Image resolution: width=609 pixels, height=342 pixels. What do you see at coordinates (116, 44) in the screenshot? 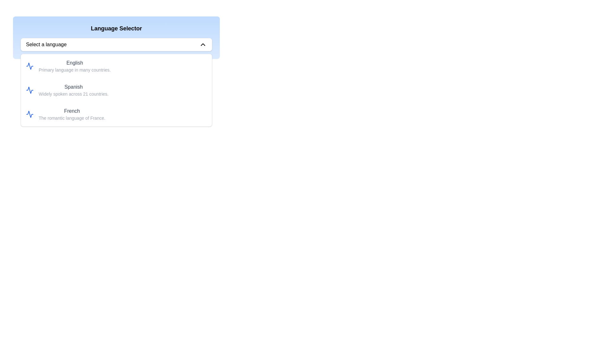
I see `the Dropdown menu button labeled 'Select a language'` at bounding box center [116, 44].